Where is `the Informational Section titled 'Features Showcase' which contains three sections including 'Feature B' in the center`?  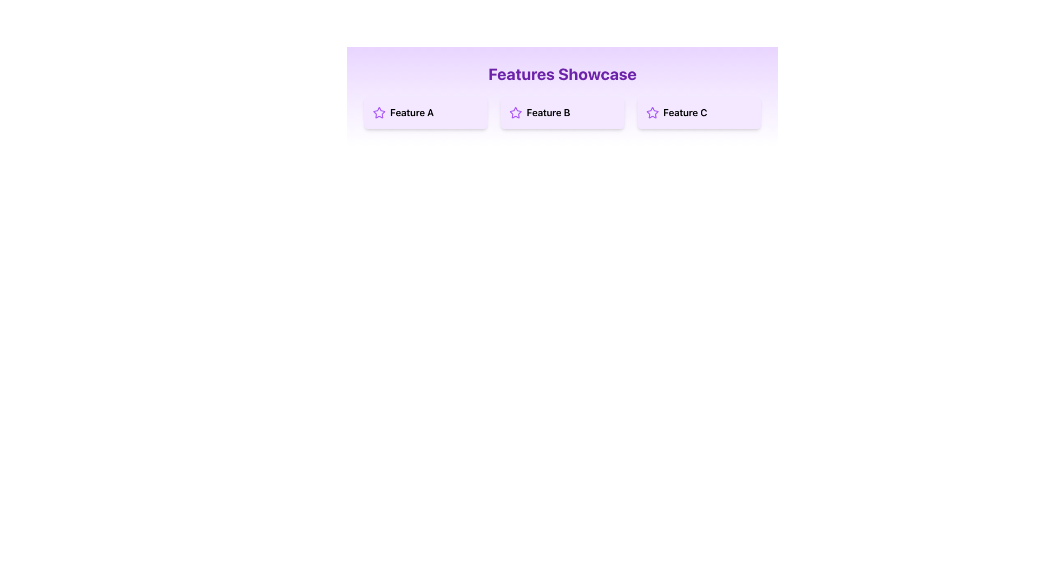 the Informational Section titled 'Features Showcase' which contains three sections including 'Feature B' in the center is located at coordinates (562, 96).